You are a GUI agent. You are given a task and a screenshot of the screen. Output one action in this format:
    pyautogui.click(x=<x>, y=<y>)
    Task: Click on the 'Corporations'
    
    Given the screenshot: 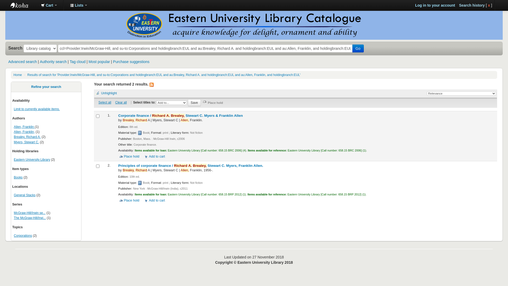 What is the action you would take?
    pyautogui.click(x=22, y=235)
    